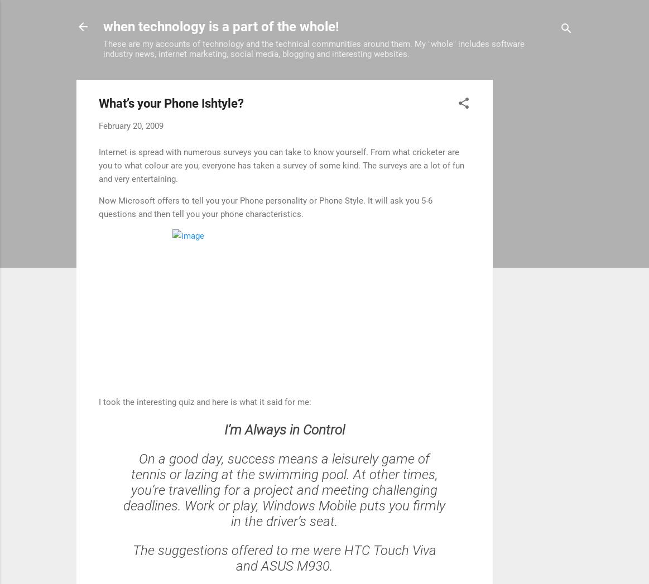 This screenshot has width=649, height=584. Describe the element at coordinates (220, 26) in the screenshot. I see `'when technology is a part of the whole!'` at that location.